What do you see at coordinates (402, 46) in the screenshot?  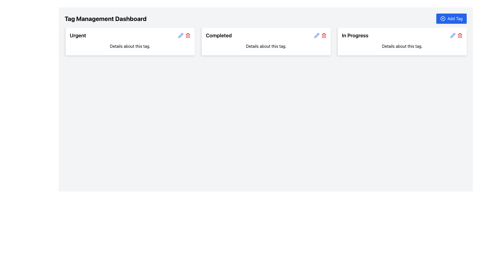 I see `the descriptive text label located below the title 'In Progress' to emphasize it` at bounding box center [402, 46].